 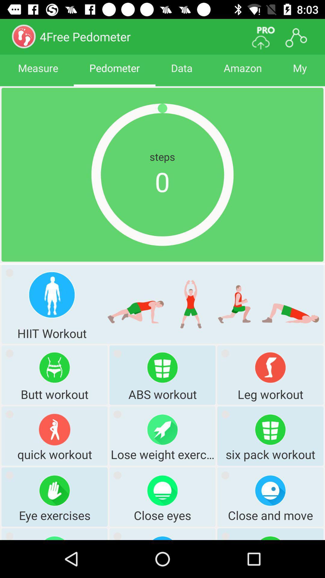 I want to click on item to the left of amazon app, so click(x=181, y=73).